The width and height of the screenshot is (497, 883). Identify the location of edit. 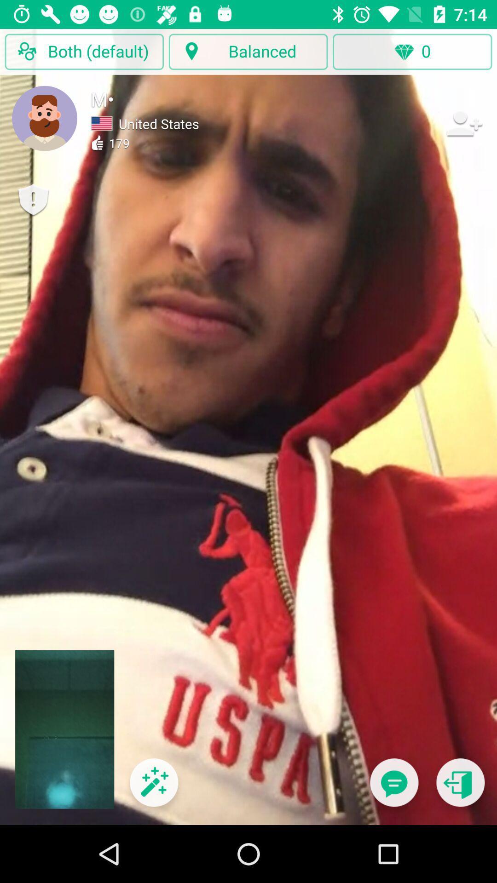
(153, 788).